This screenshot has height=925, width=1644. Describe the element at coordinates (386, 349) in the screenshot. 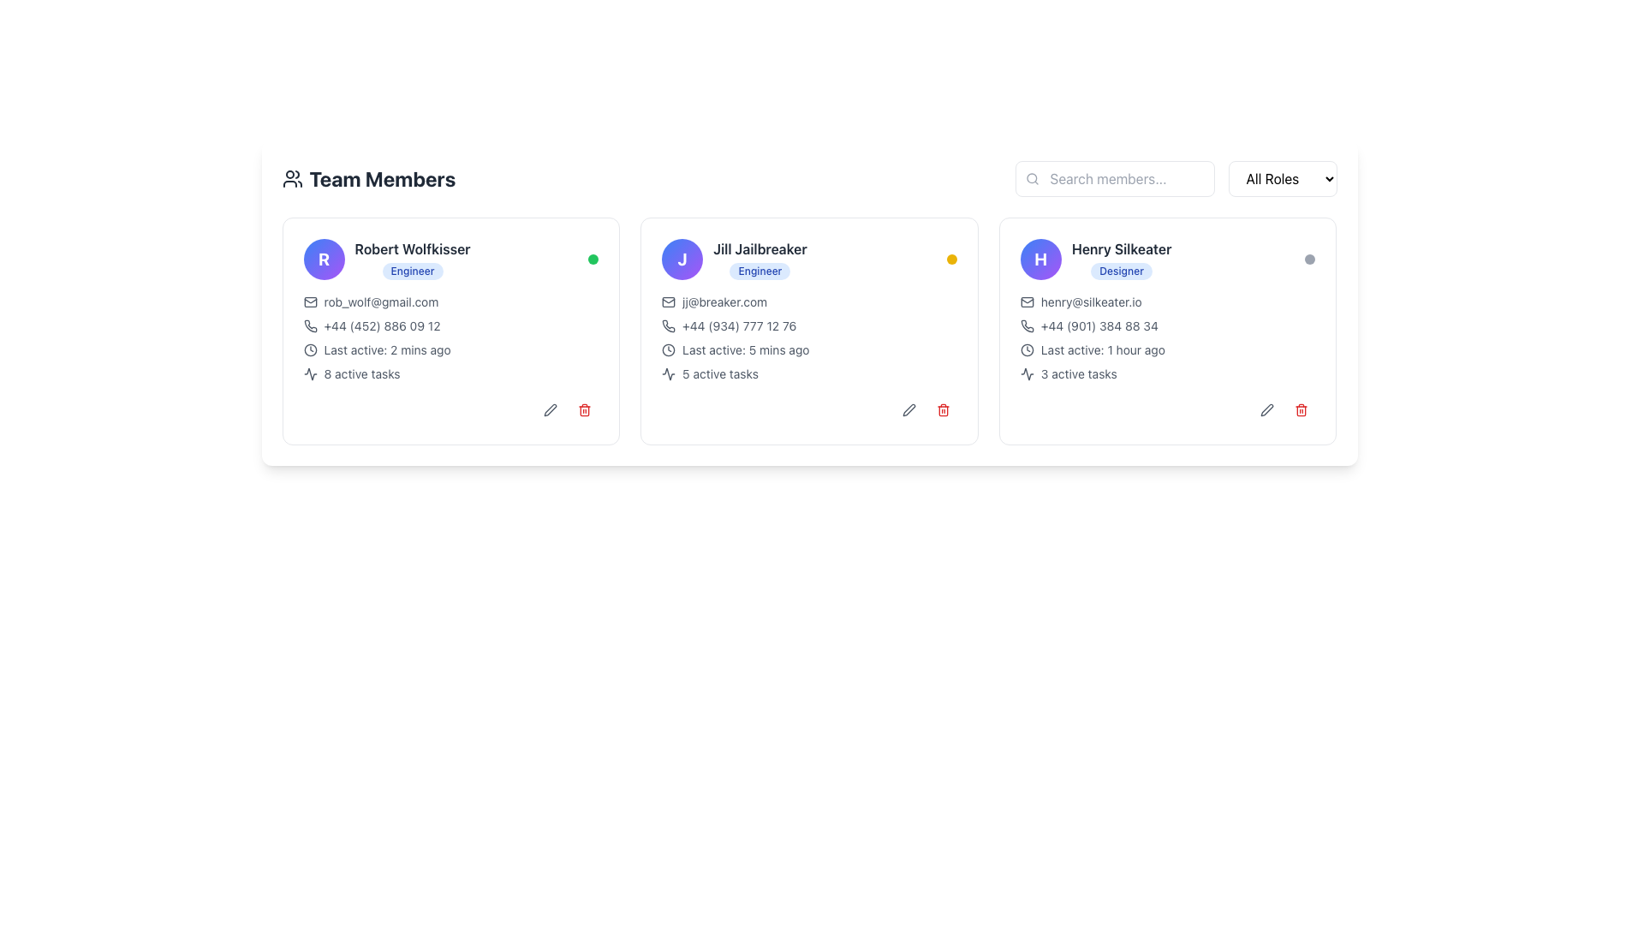

I see `status displayed in the text label indicating the last activity time of the person in the first card under the 'Team Members' heading, located below the user's name and email` at that location.